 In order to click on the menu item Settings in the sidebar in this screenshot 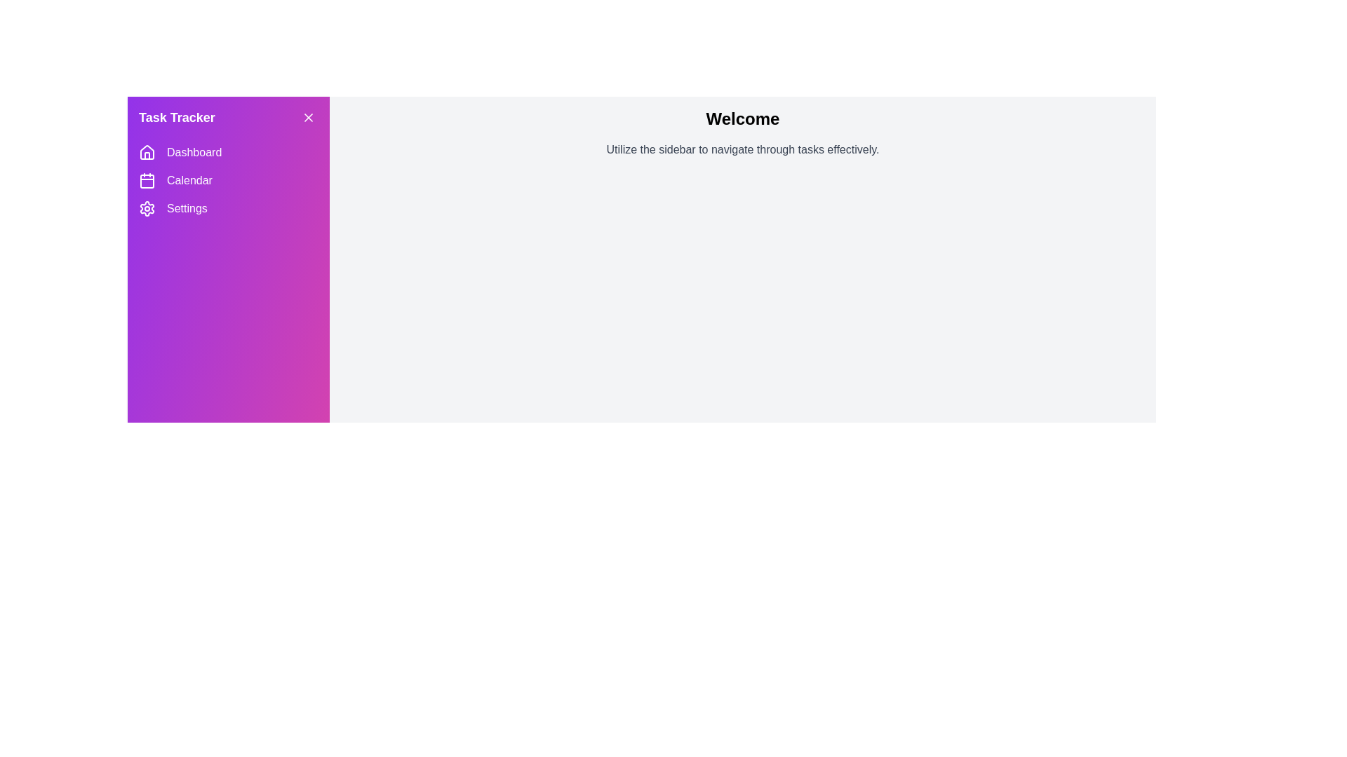, I will do `click(229, 208)`.